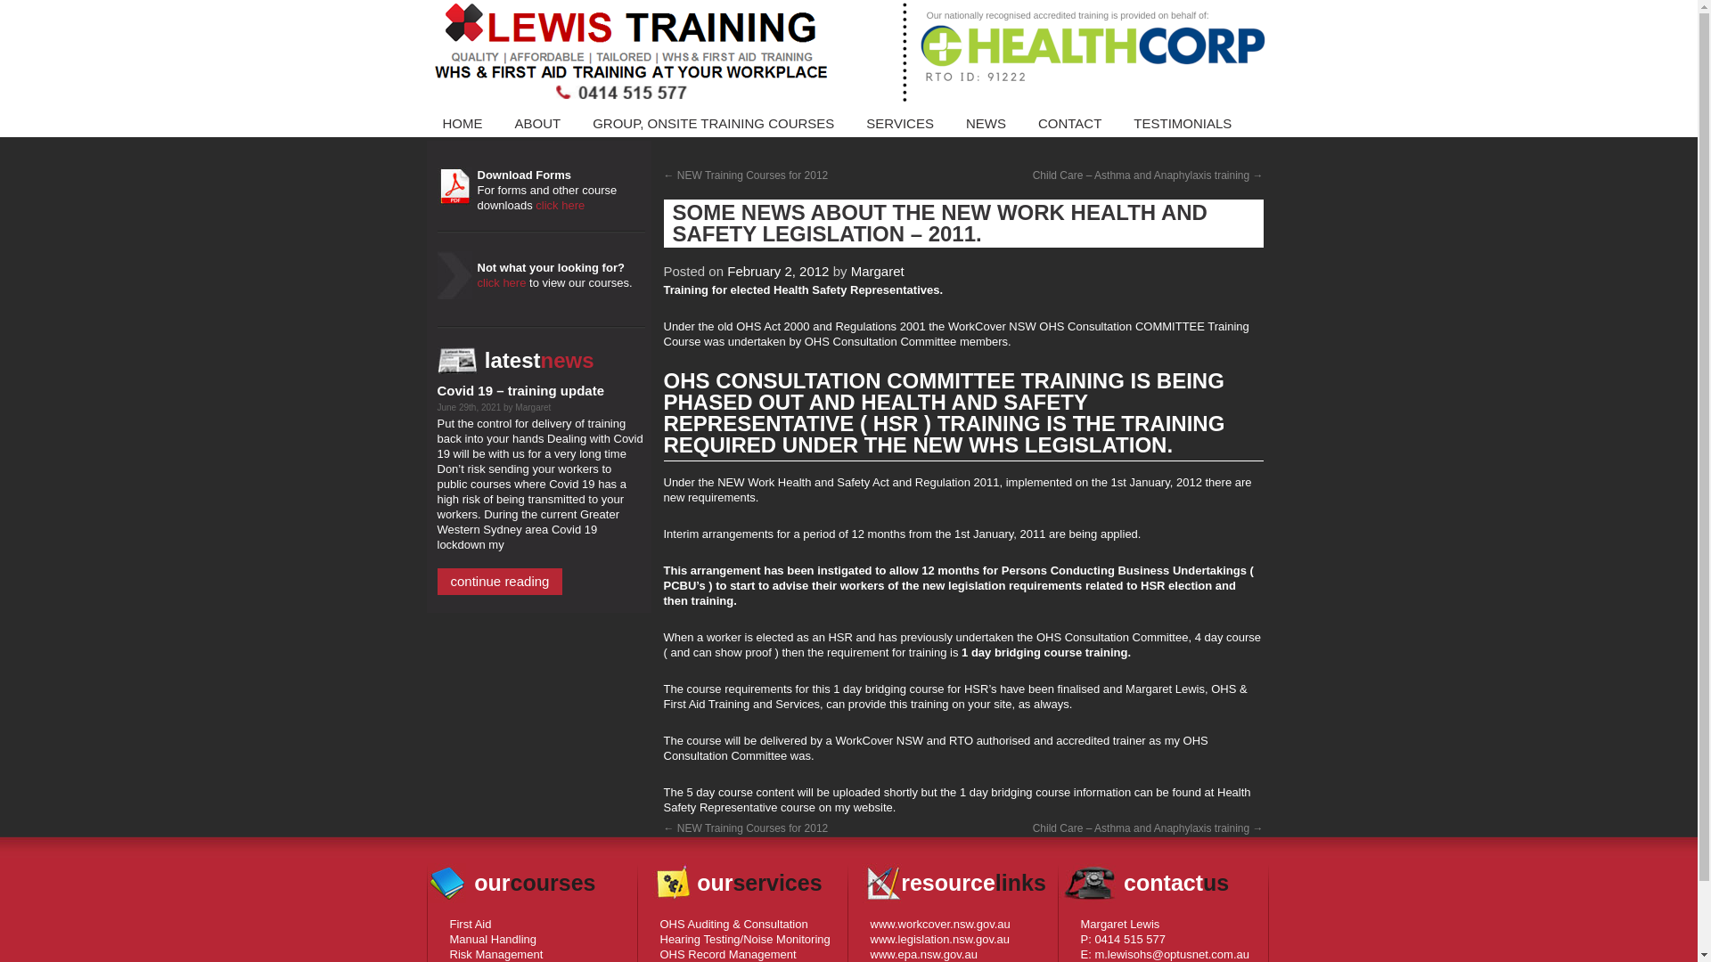 The height and width of the screenshot is (962, 1711). Describe the element at coordinates (449, 938) in the screenshot. I see `'Manual Handling'` at that location.